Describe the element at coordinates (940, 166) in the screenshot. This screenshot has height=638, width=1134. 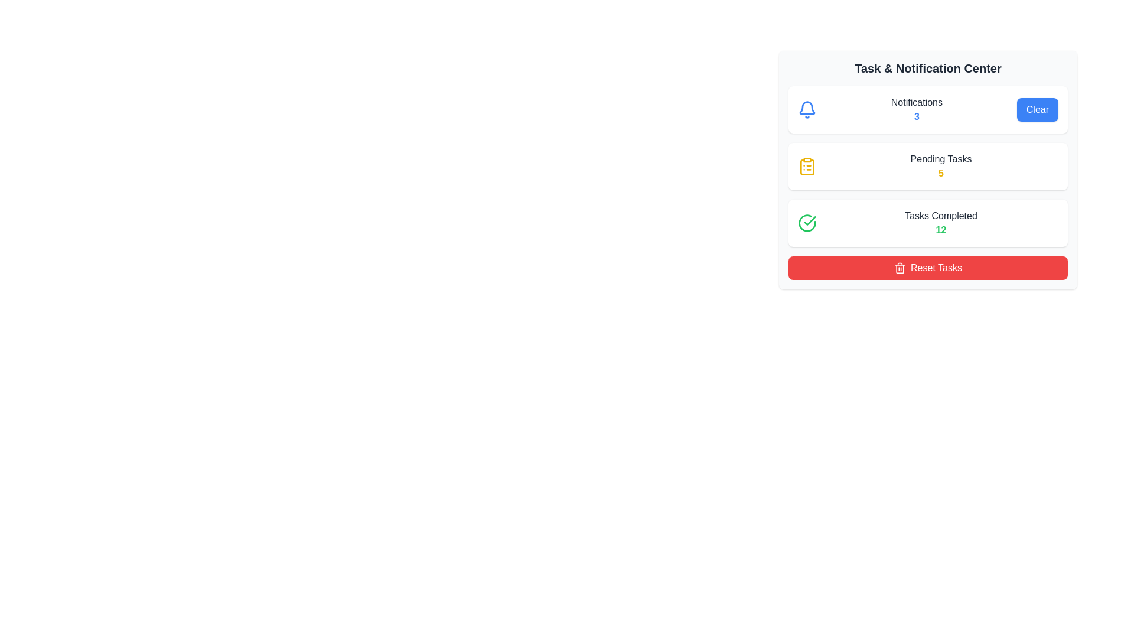
I see `text content of the summary indicator for pending tasks located in the middle section of the card under 'Task & Notification Center', adjacent to the clipboard icon` at that location.